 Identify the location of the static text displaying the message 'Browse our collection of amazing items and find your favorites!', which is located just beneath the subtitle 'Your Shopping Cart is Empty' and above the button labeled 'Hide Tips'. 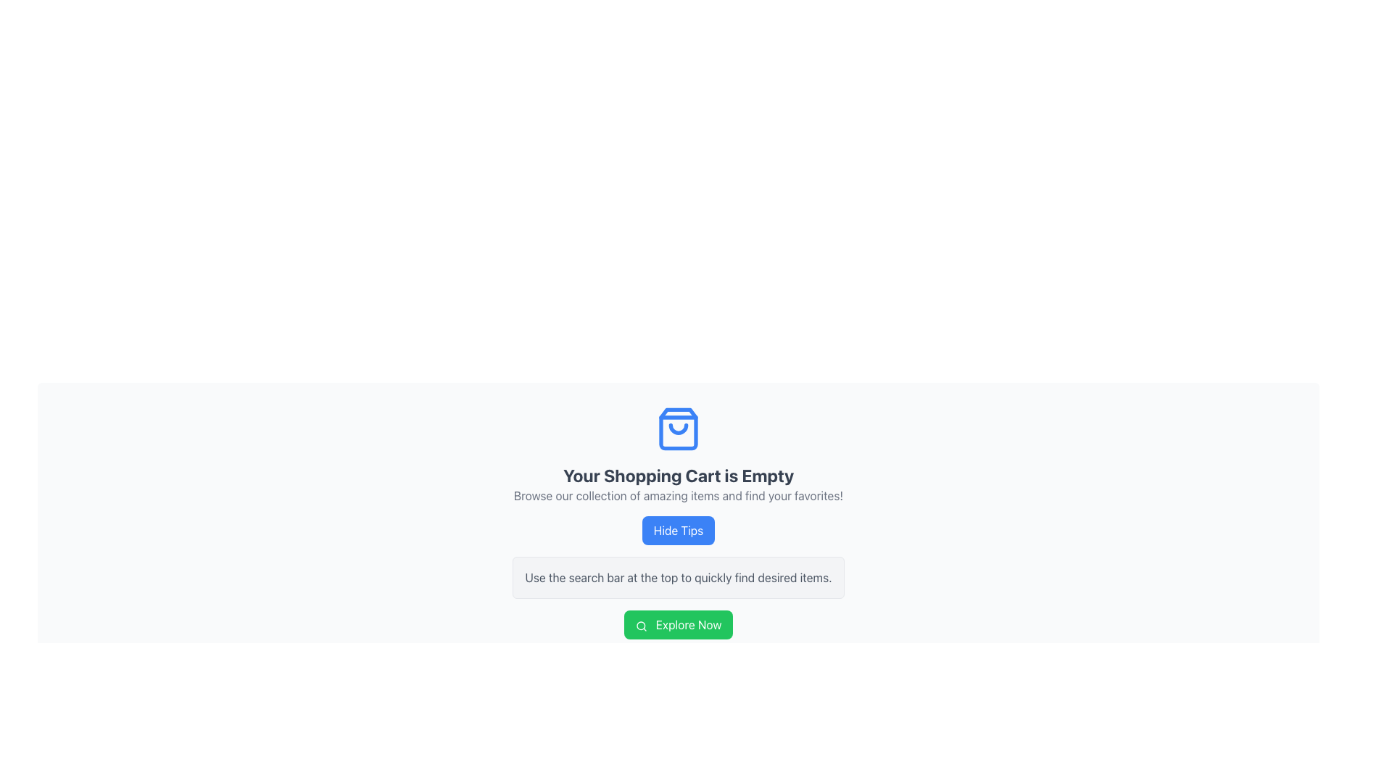
(678, 494).